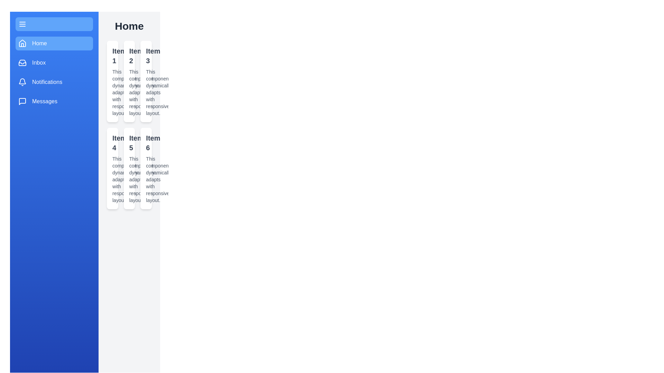 The image size is (664, 373). I want to click on the bell icon SVG graphic located in the third slot from the top of the vertical sidebar menu, adjacent, so click(22, 82).